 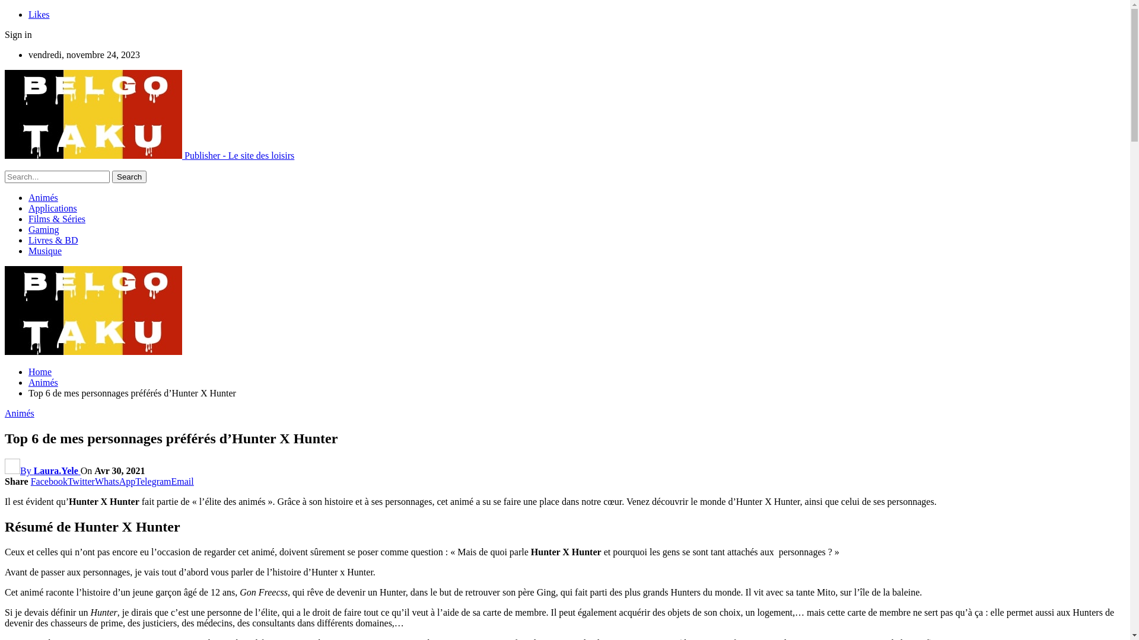 What do you see at coordinates (56, 177) in the screenshot?
I see `'Search for:'` at bounding box center [56, 177].